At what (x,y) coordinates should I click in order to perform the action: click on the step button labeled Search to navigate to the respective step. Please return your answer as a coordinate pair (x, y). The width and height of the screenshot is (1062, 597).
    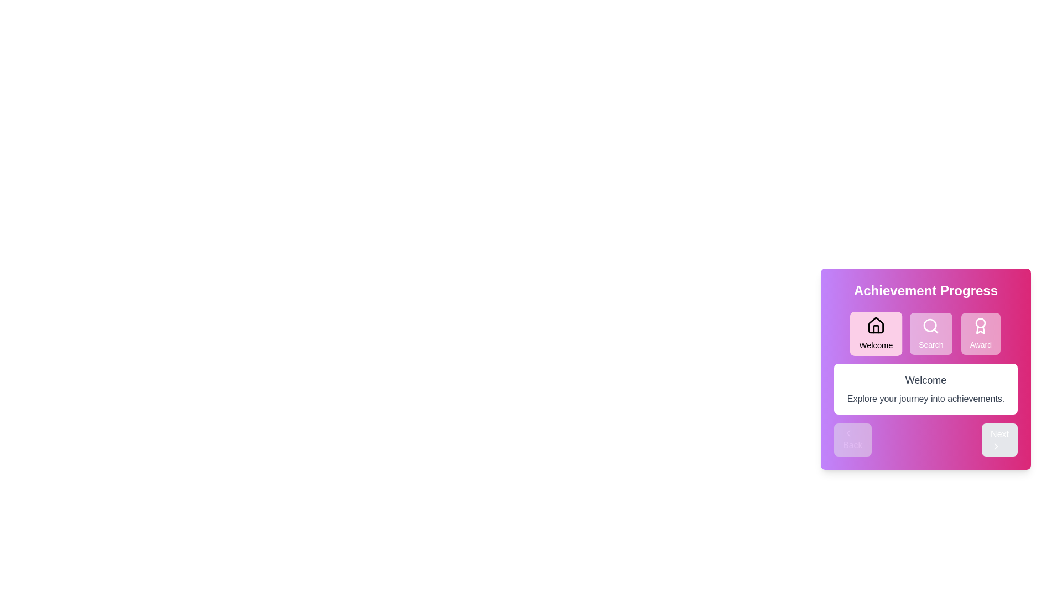
    Looking at the image, I should click on (930, 333).